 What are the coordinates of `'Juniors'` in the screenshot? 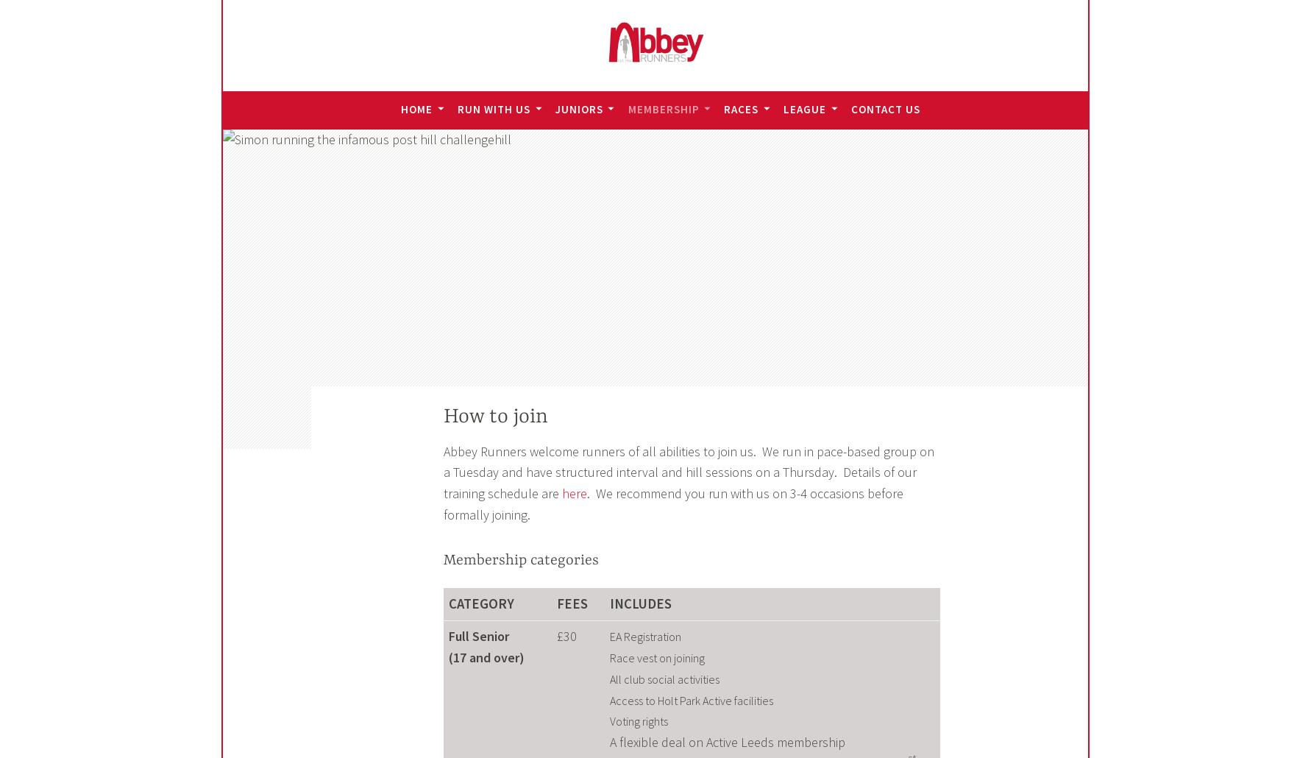 It's located at (554, 107).